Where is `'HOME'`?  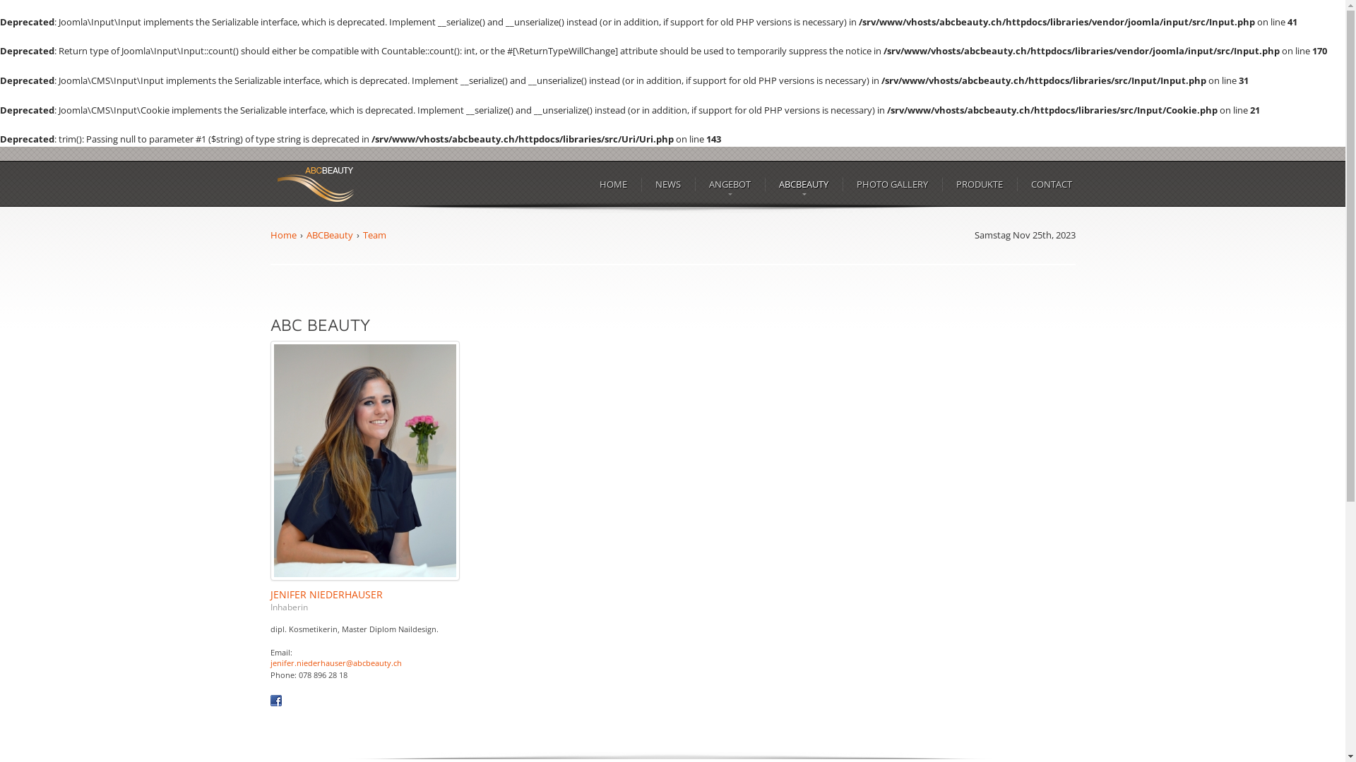
'HOME' is located at coordinates (613, 183).